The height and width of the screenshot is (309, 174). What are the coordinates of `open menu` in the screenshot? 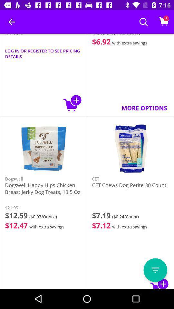 It's located at (155, 270).